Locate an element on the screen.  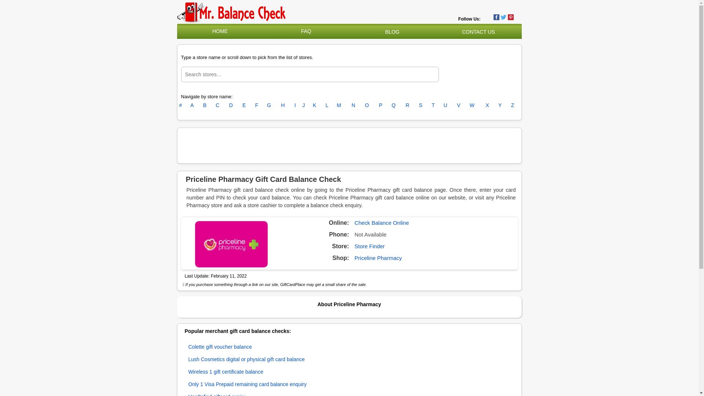
'V' is located at coordinates (456, 105).